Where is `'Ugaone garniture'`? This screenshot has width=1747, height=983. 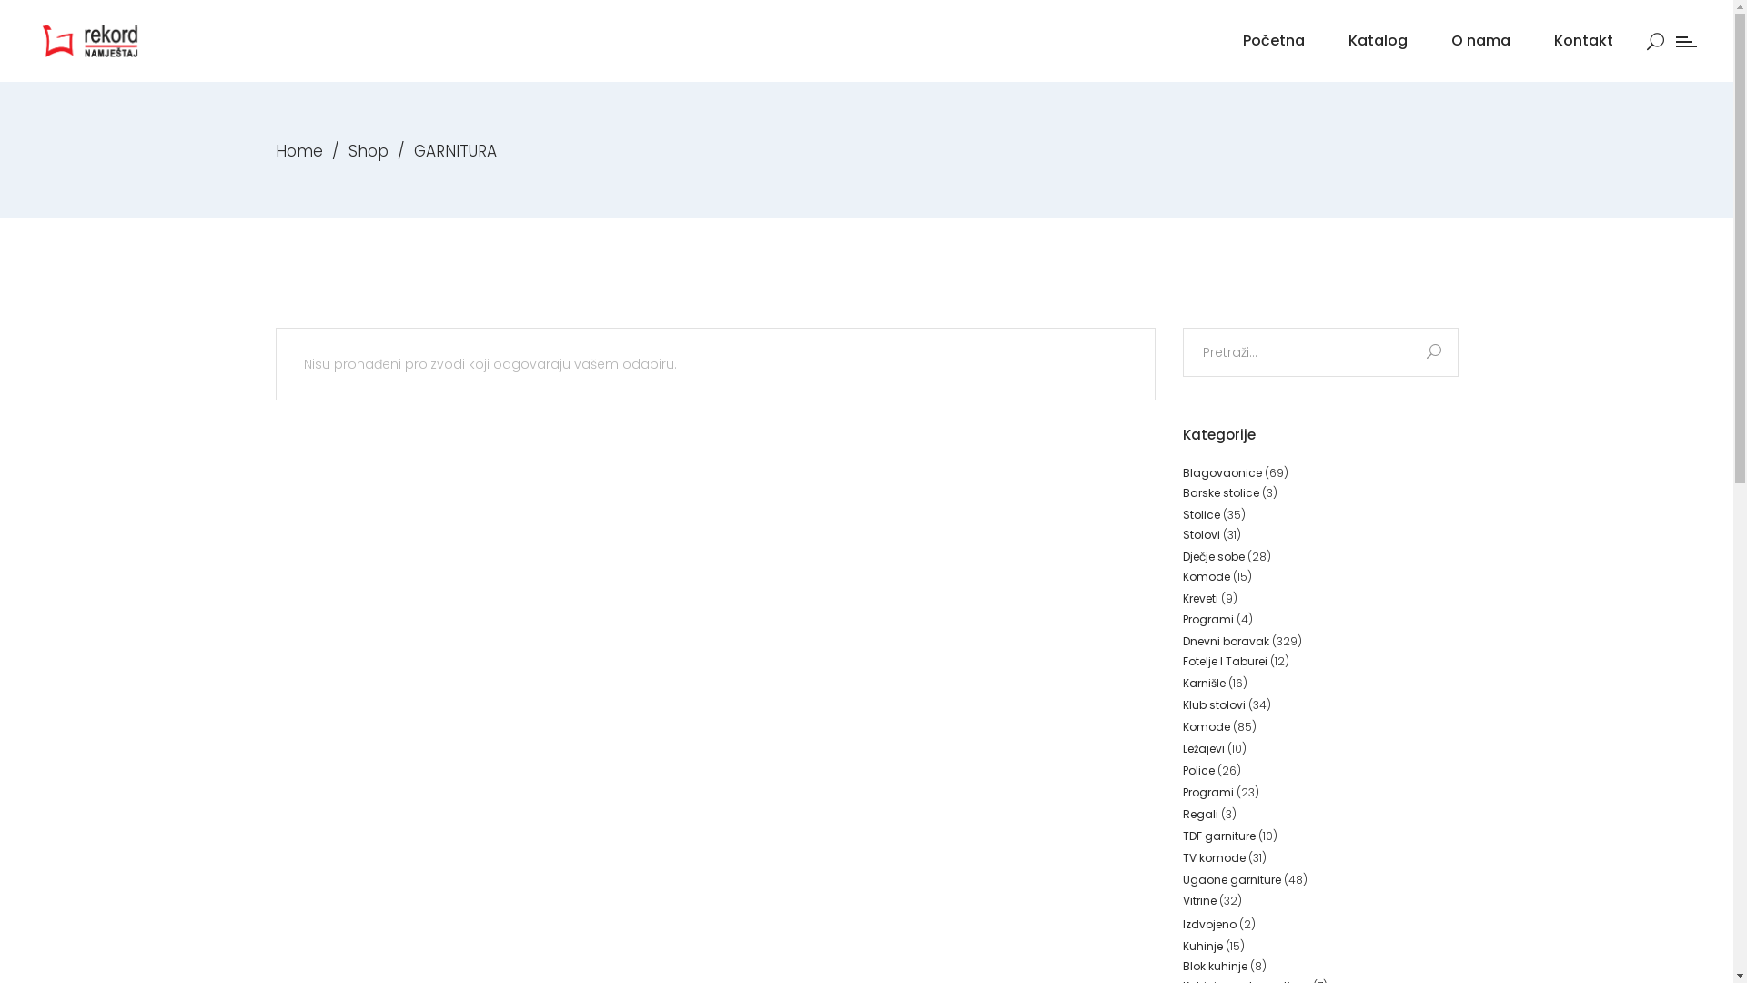
'Ugaone garniture' is located at coordinates (1231, 878).